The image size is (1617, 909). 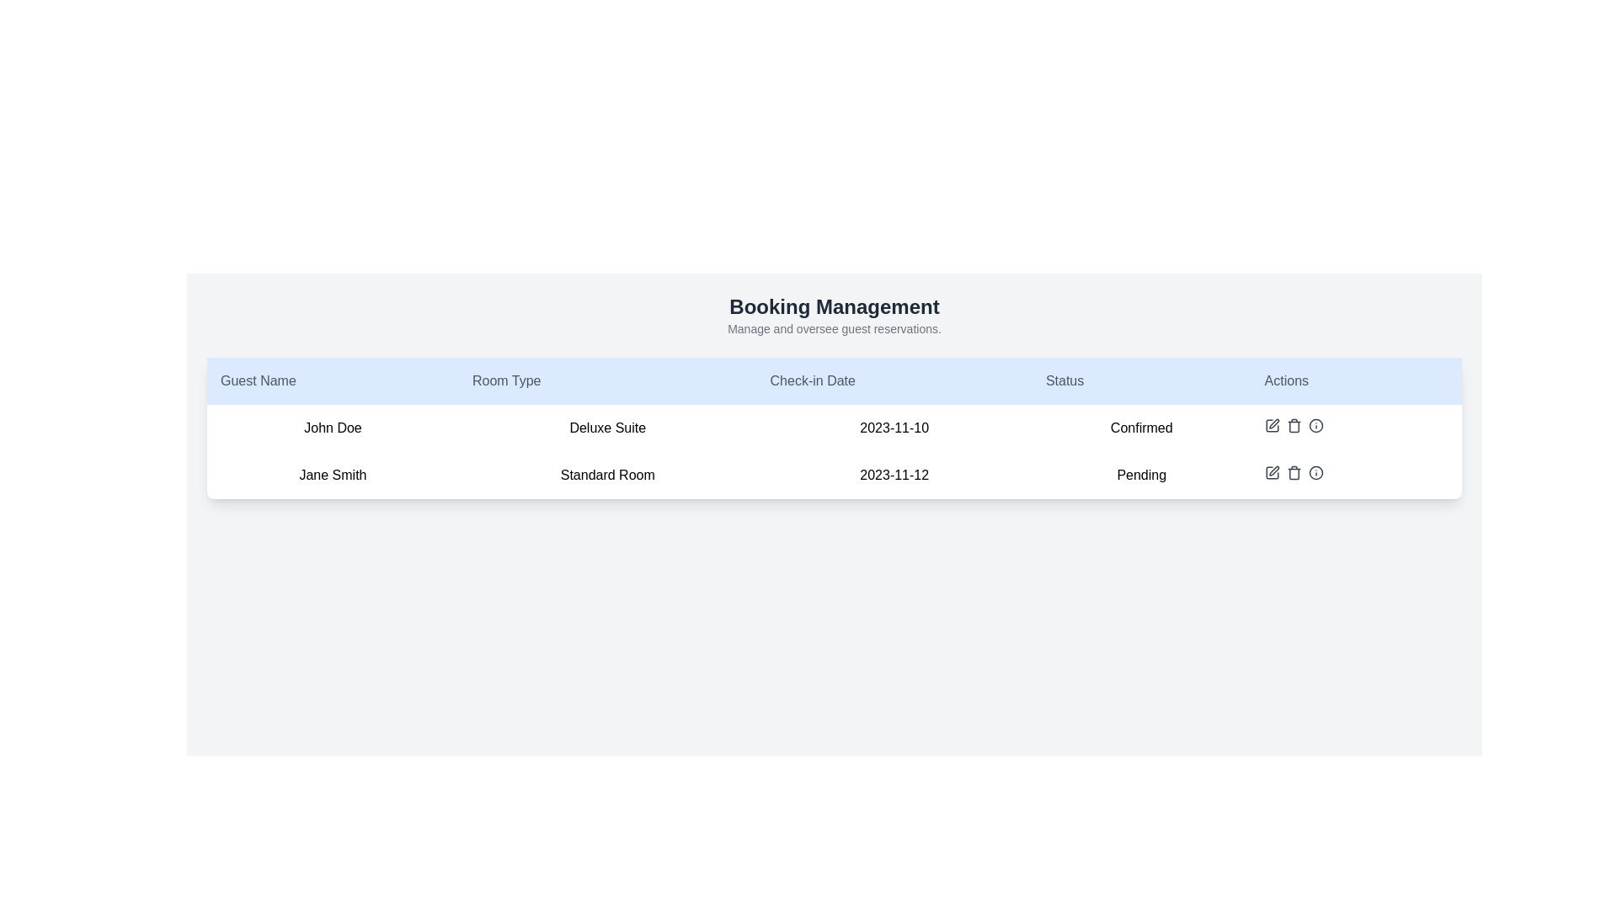 I want to click on the static text label that reads 'Manage and oversee guest reservations.', which is styled in a smaller, lighter gray font and located below the 'Booking Management' heading, so click(x=834, y=328).